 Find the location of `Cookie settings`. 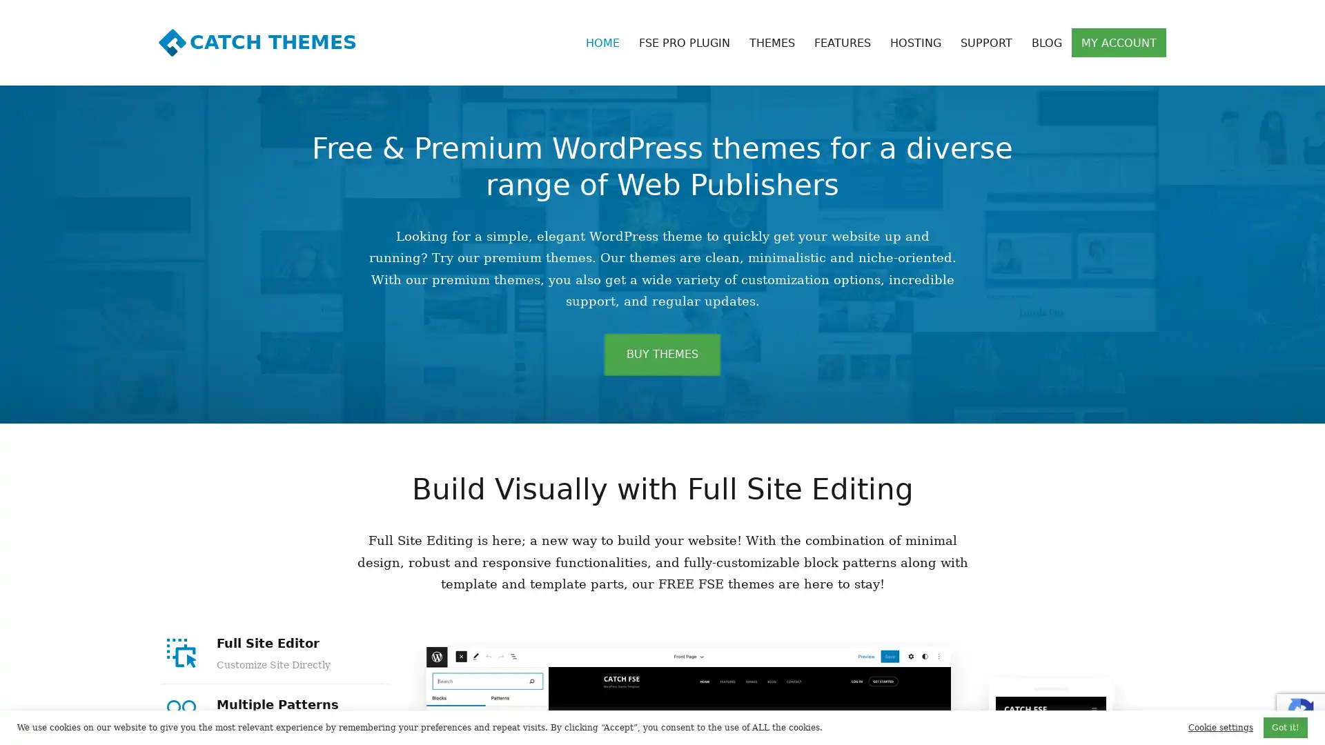

Cookie settings is located at coordinates (1221, 727).